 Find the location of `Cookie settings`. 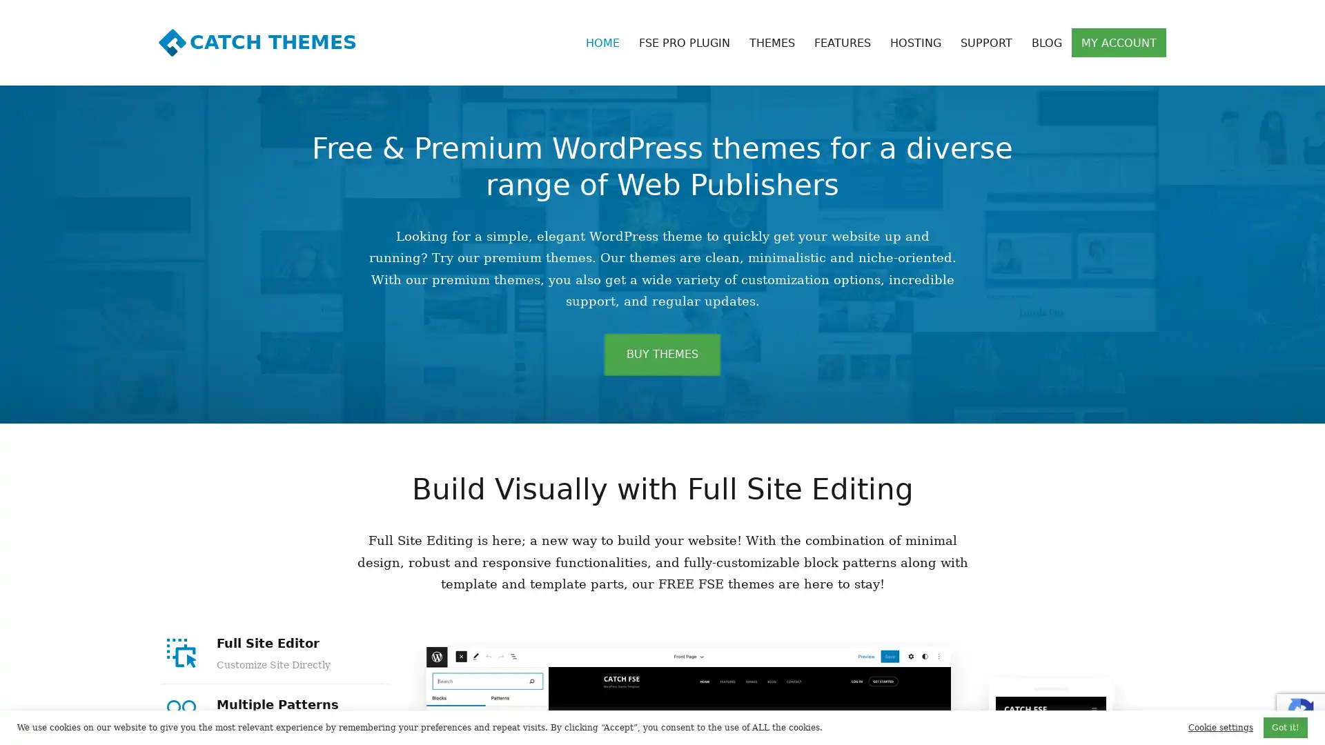

Cookie settings is located at coordinates (1221, 727).